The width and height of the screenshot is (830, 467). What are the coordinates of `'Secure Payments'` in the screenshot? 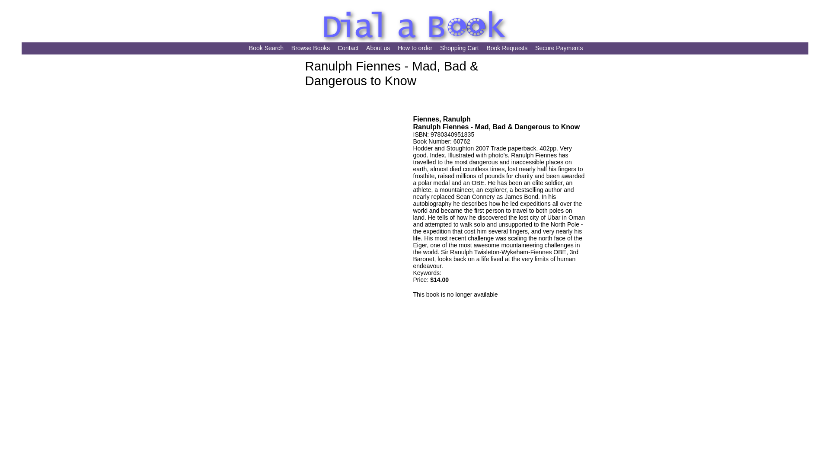 It's located at (559, 48).